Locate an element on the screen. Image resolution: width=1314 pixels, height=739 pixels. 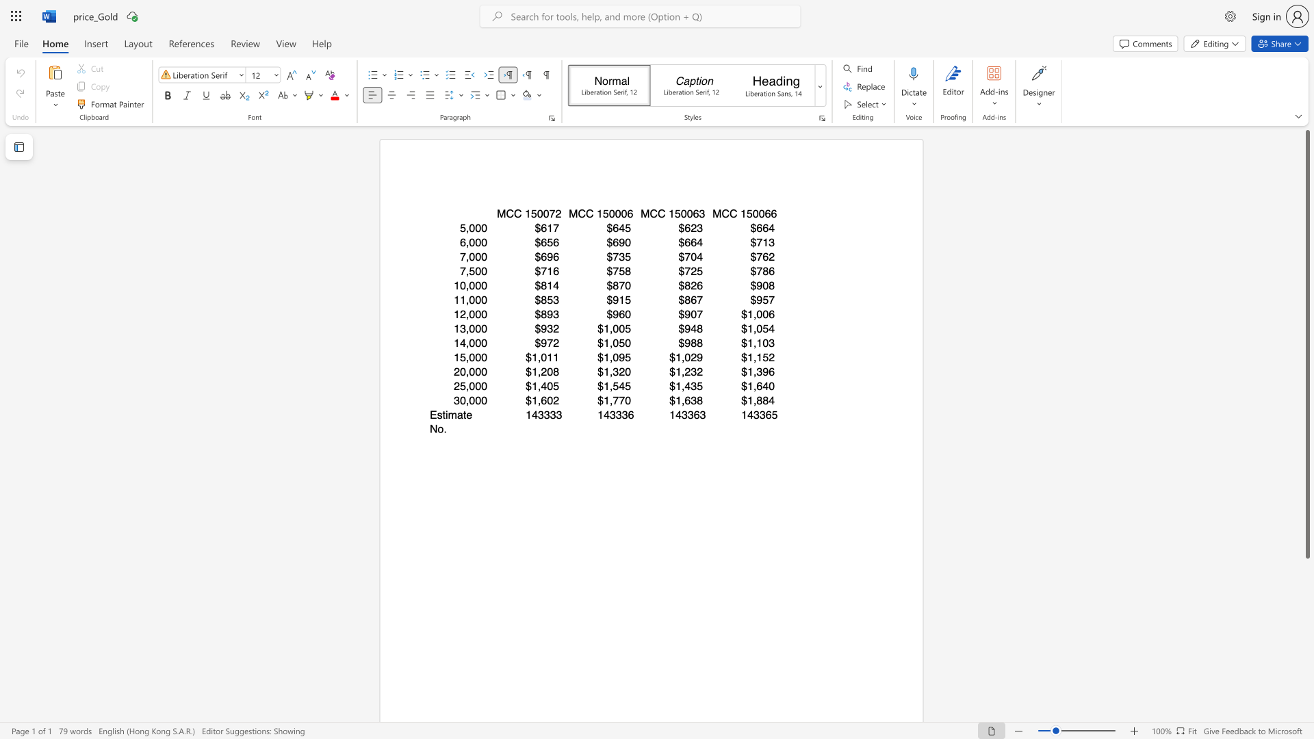
the scrollbar to slide the page down is located at coordinates (1306, 717).